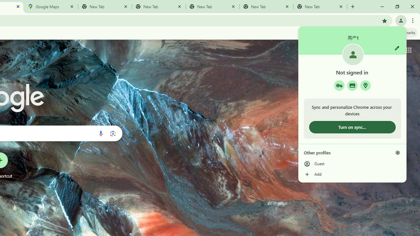  Describe the element at coordinates (397, 152) in the screenshot. I see `'Manage profiles'` at that location.